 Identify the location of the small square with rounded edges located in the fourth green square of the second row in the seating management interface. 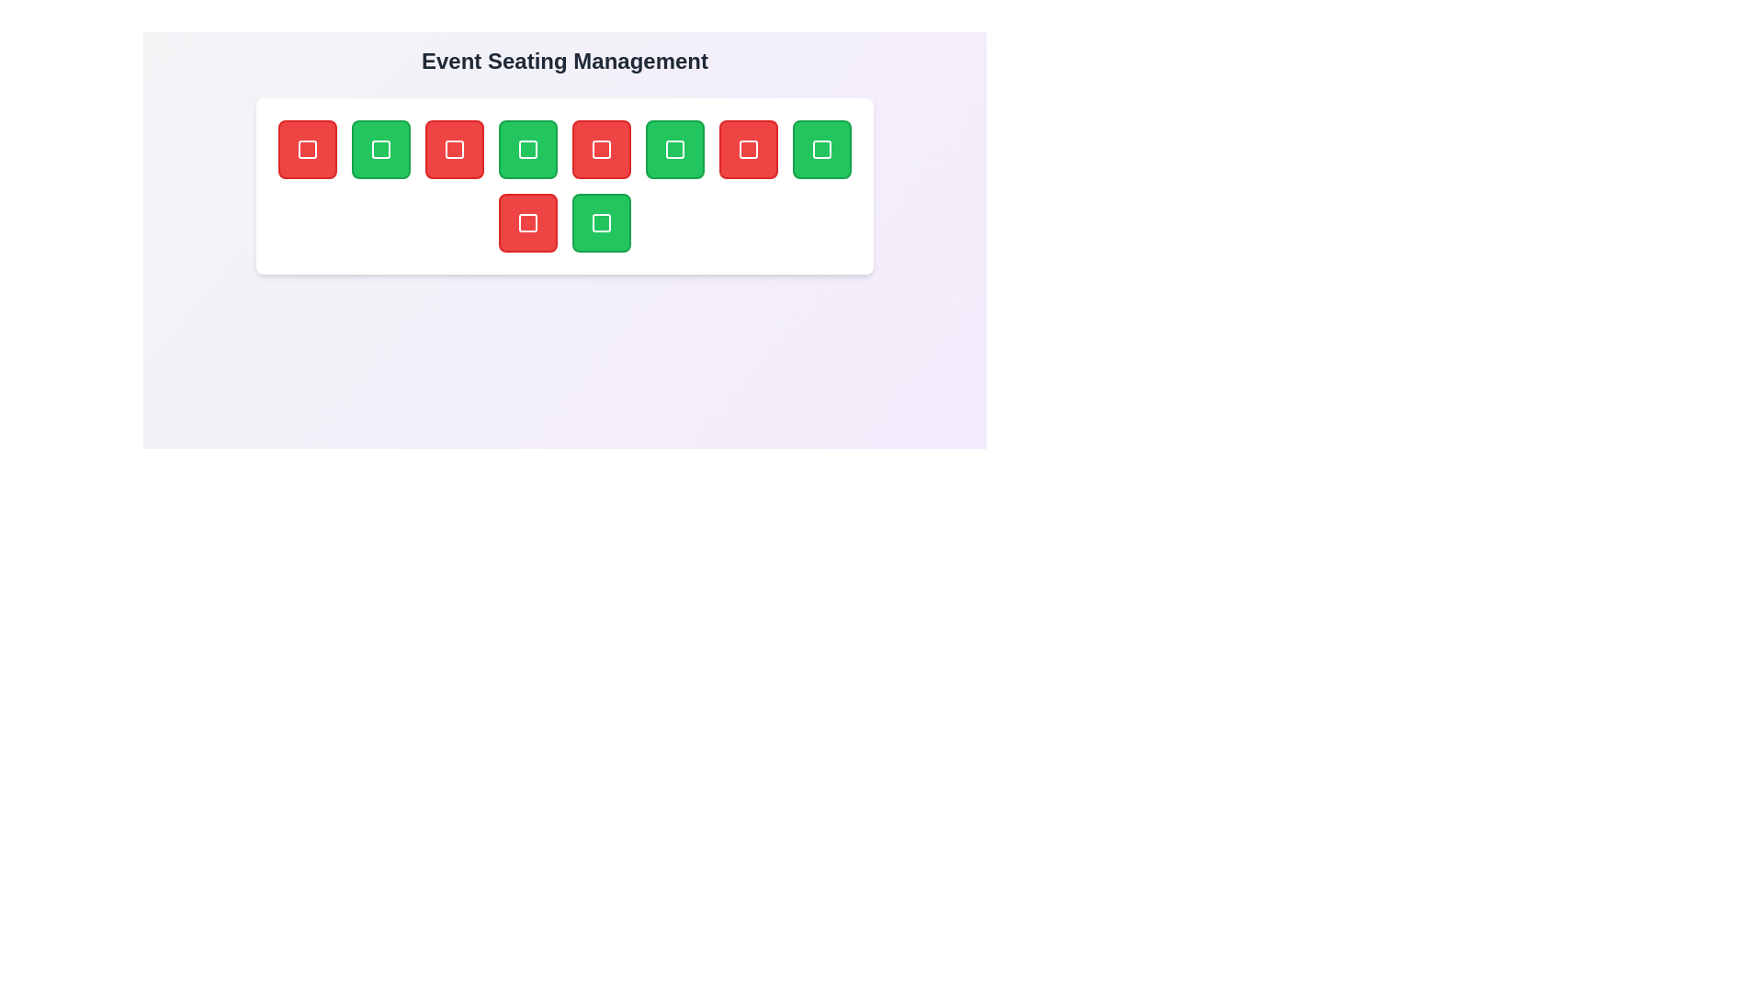
(601, 222).